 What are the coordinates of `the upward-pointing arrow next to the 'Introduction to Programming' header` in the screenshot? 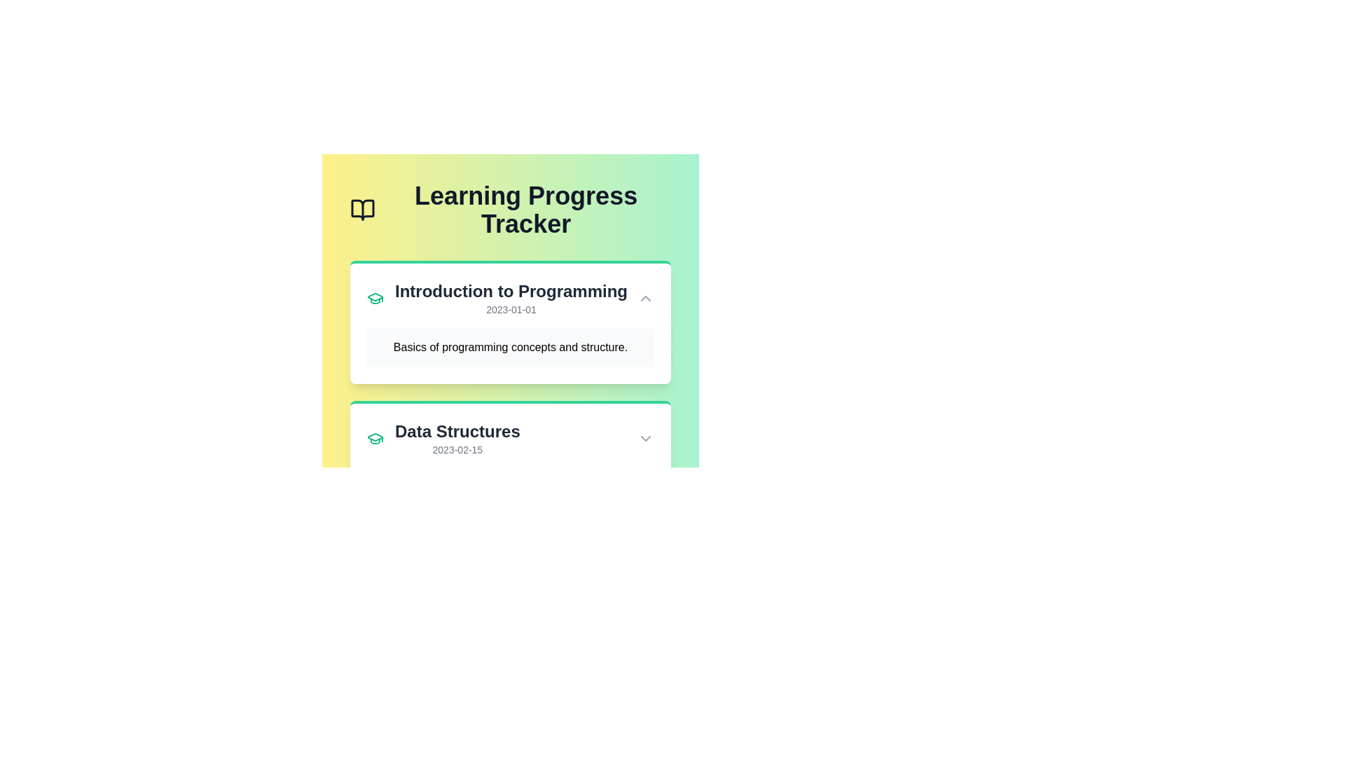 It's located at (510, 297).